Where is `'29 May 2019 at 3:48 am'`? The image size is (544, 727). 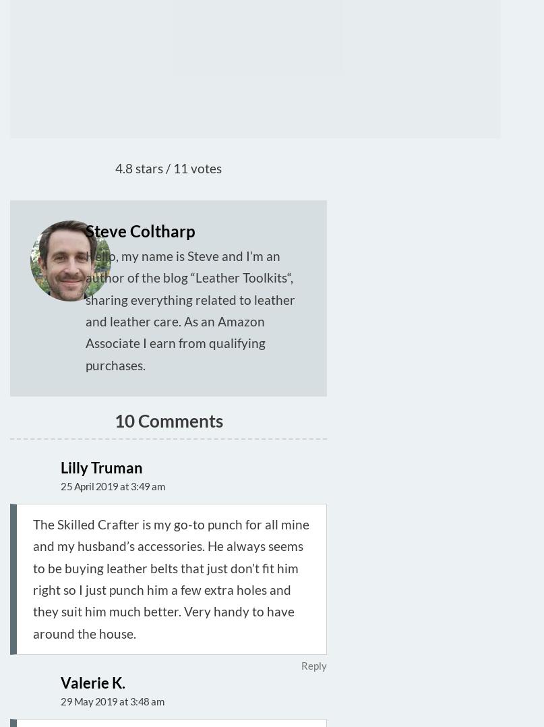 '29 May 2019 at 3:48 am' is located at coordinates (59, 699).